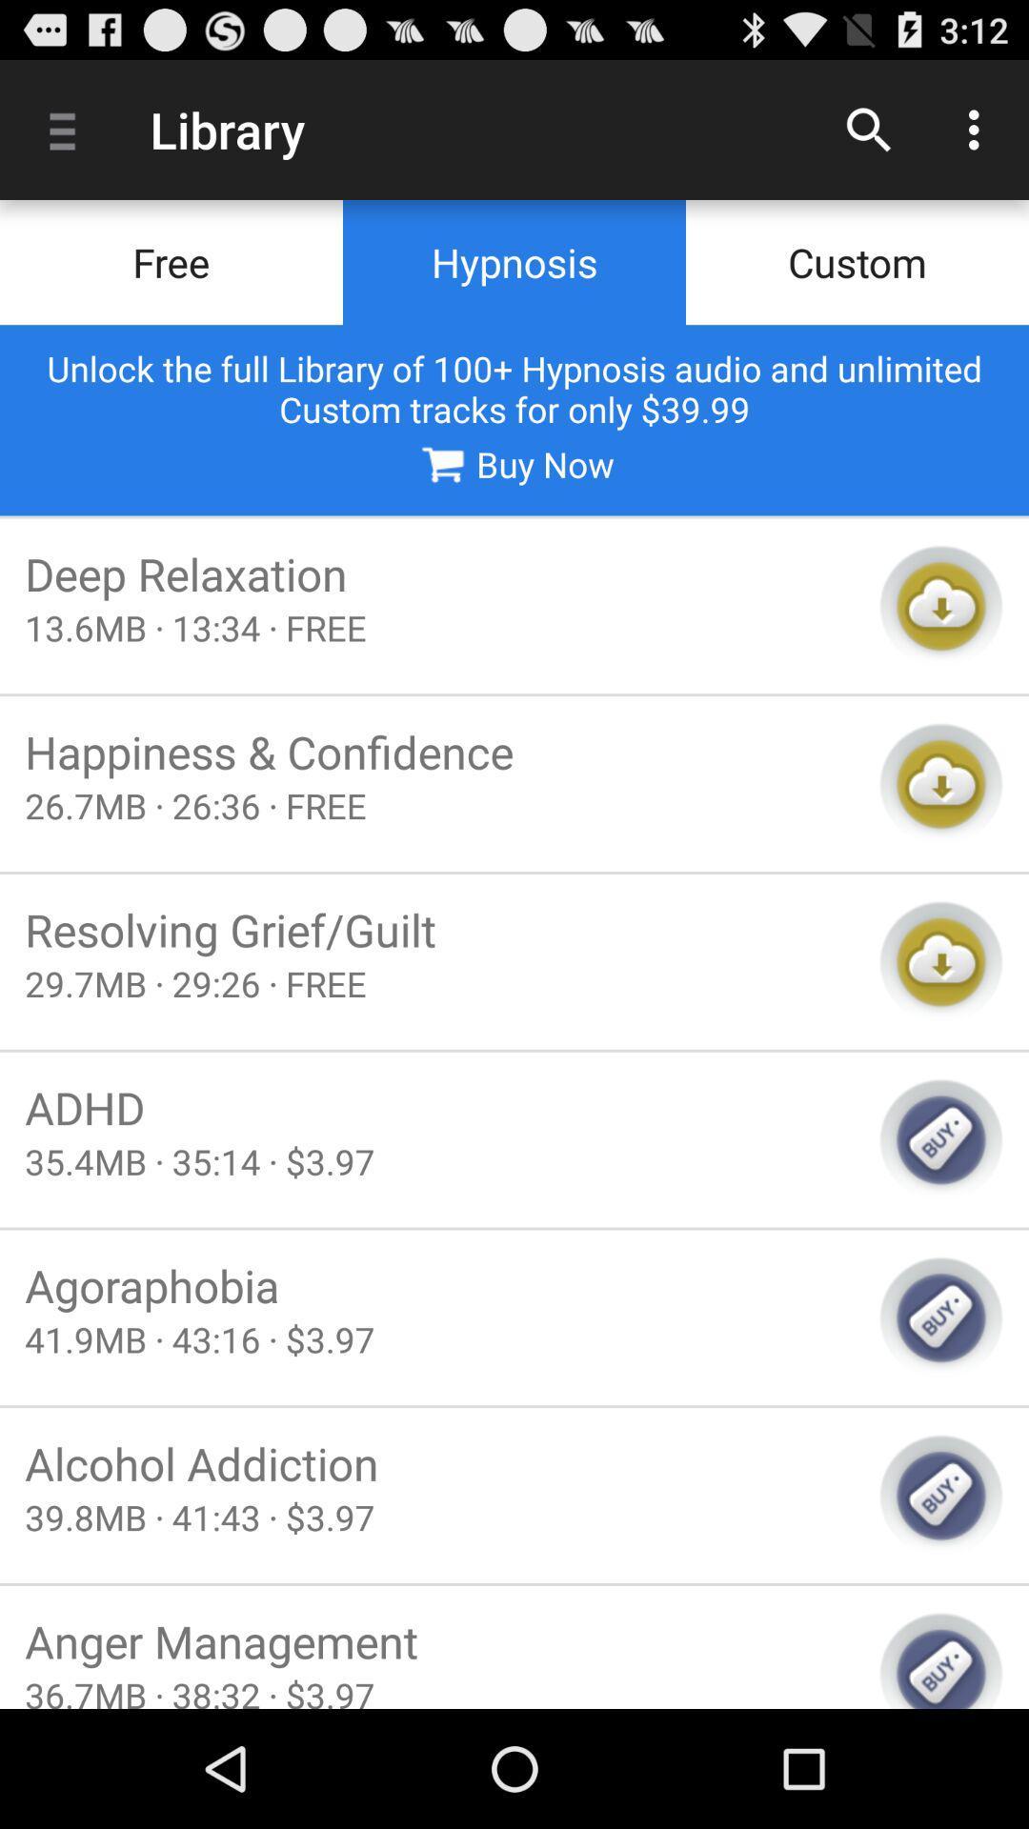  What do you see at coordinates (69, 129) in the screenshot?
I see `icon to the left of the library app` at bounding box center [69, 129].